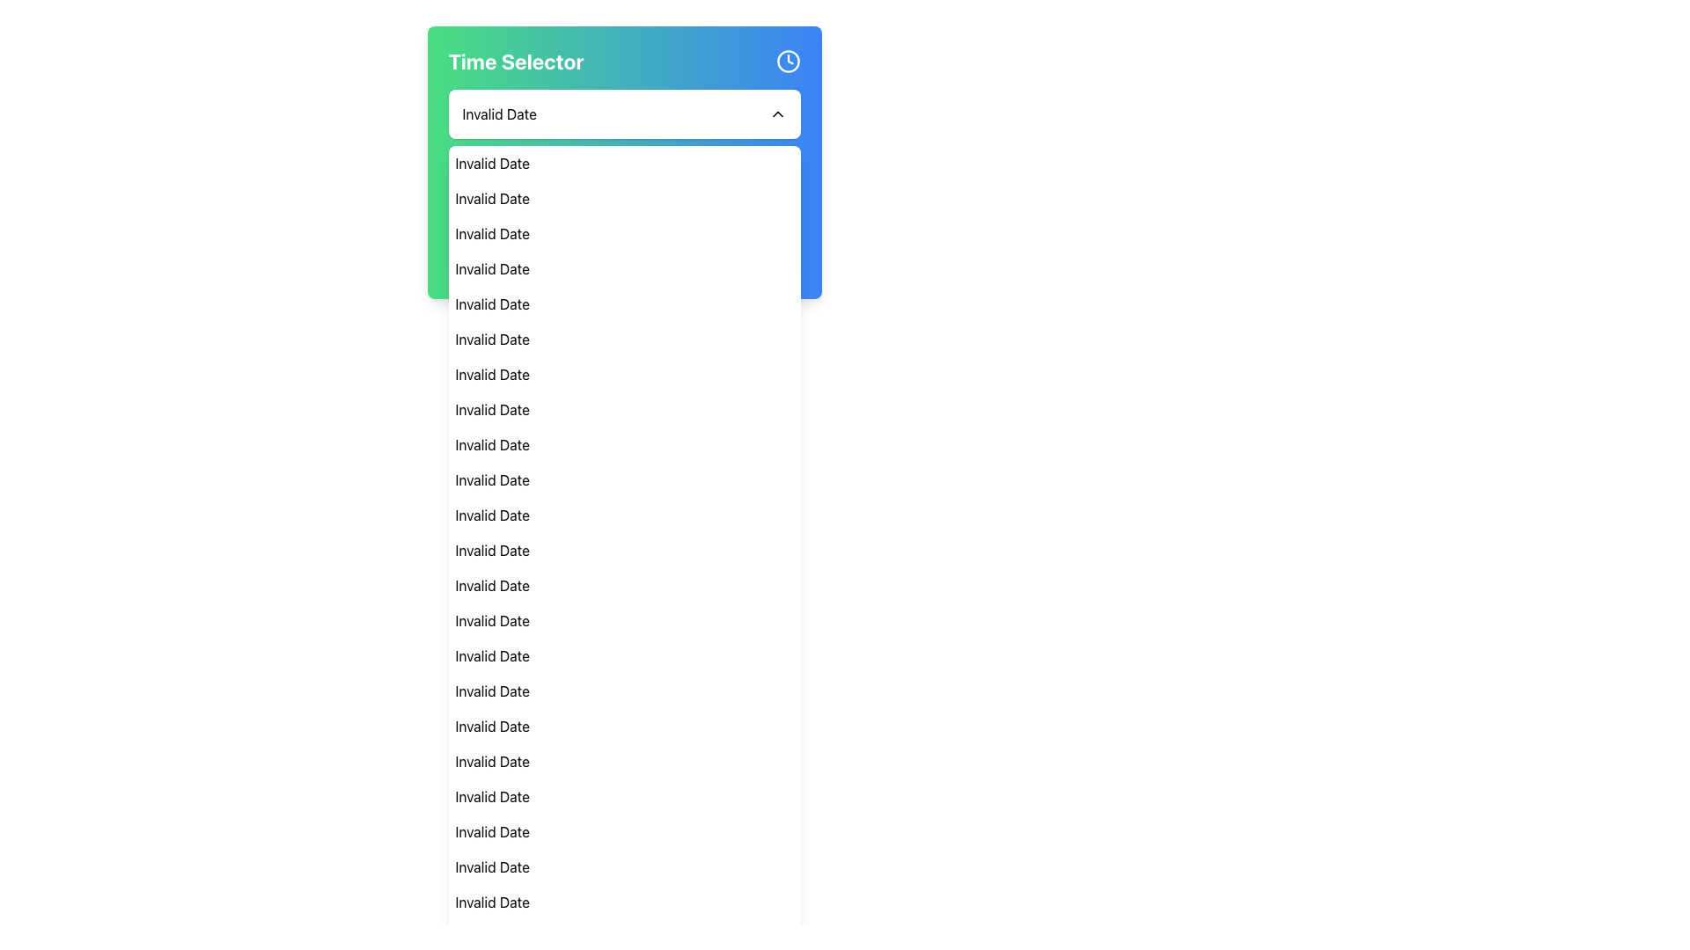  Describe the element at coordinates (513, 233) in the screenshot. I see `the 'Invalid Date' button-like interactive text item in the dropdown menu labeled 'Time Selector'` at that location.